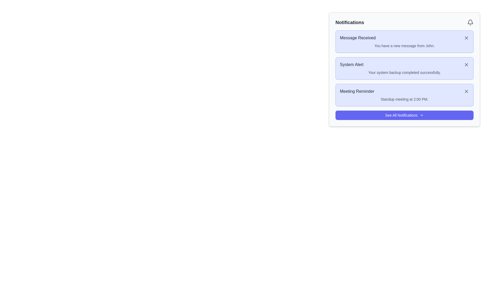  What do you see at coordinates (358, 38) in the screenshot?
I see `the text label displaying 'Message Received', which is a medium-sized, bold, sans-serif font in dark gray on a light blue background, located near the top of a notification item in the notification panel` at bounding box center [358, 38].